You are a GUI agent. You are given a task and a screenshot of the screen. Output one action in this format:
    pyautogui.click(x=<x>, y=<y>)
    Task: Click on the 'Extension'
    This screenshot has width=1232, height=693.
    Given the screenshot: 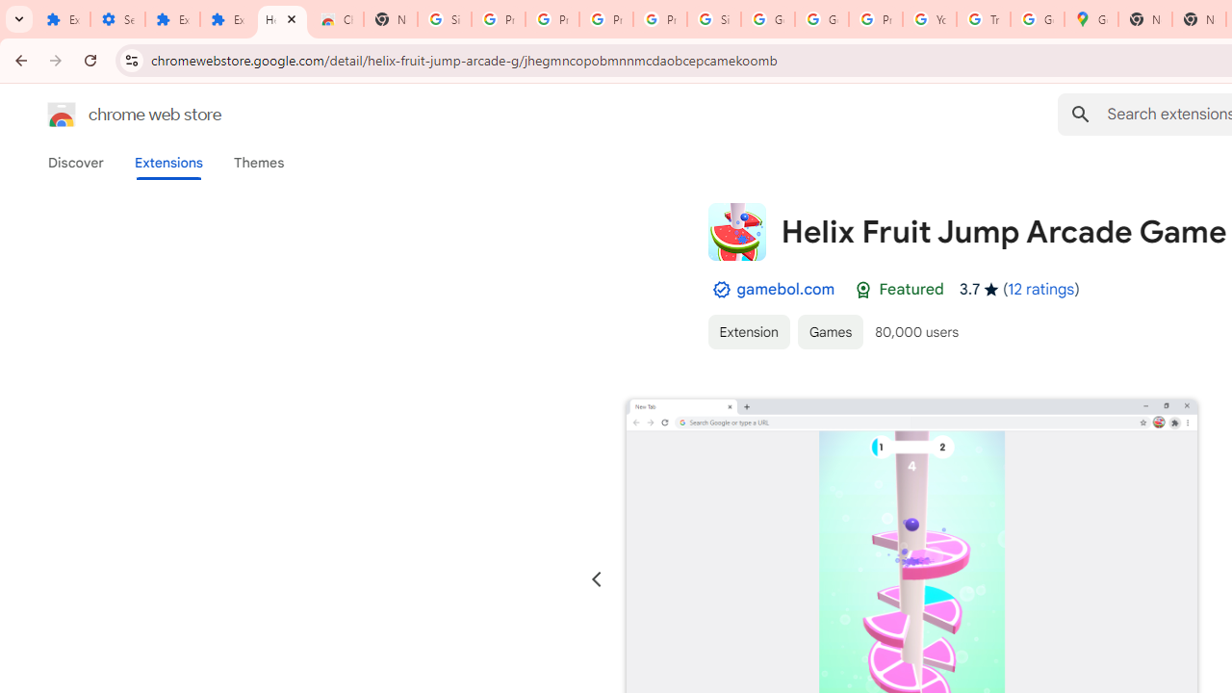 What is the action you would take?
    pyautogui.click(x=747, y=330)
    